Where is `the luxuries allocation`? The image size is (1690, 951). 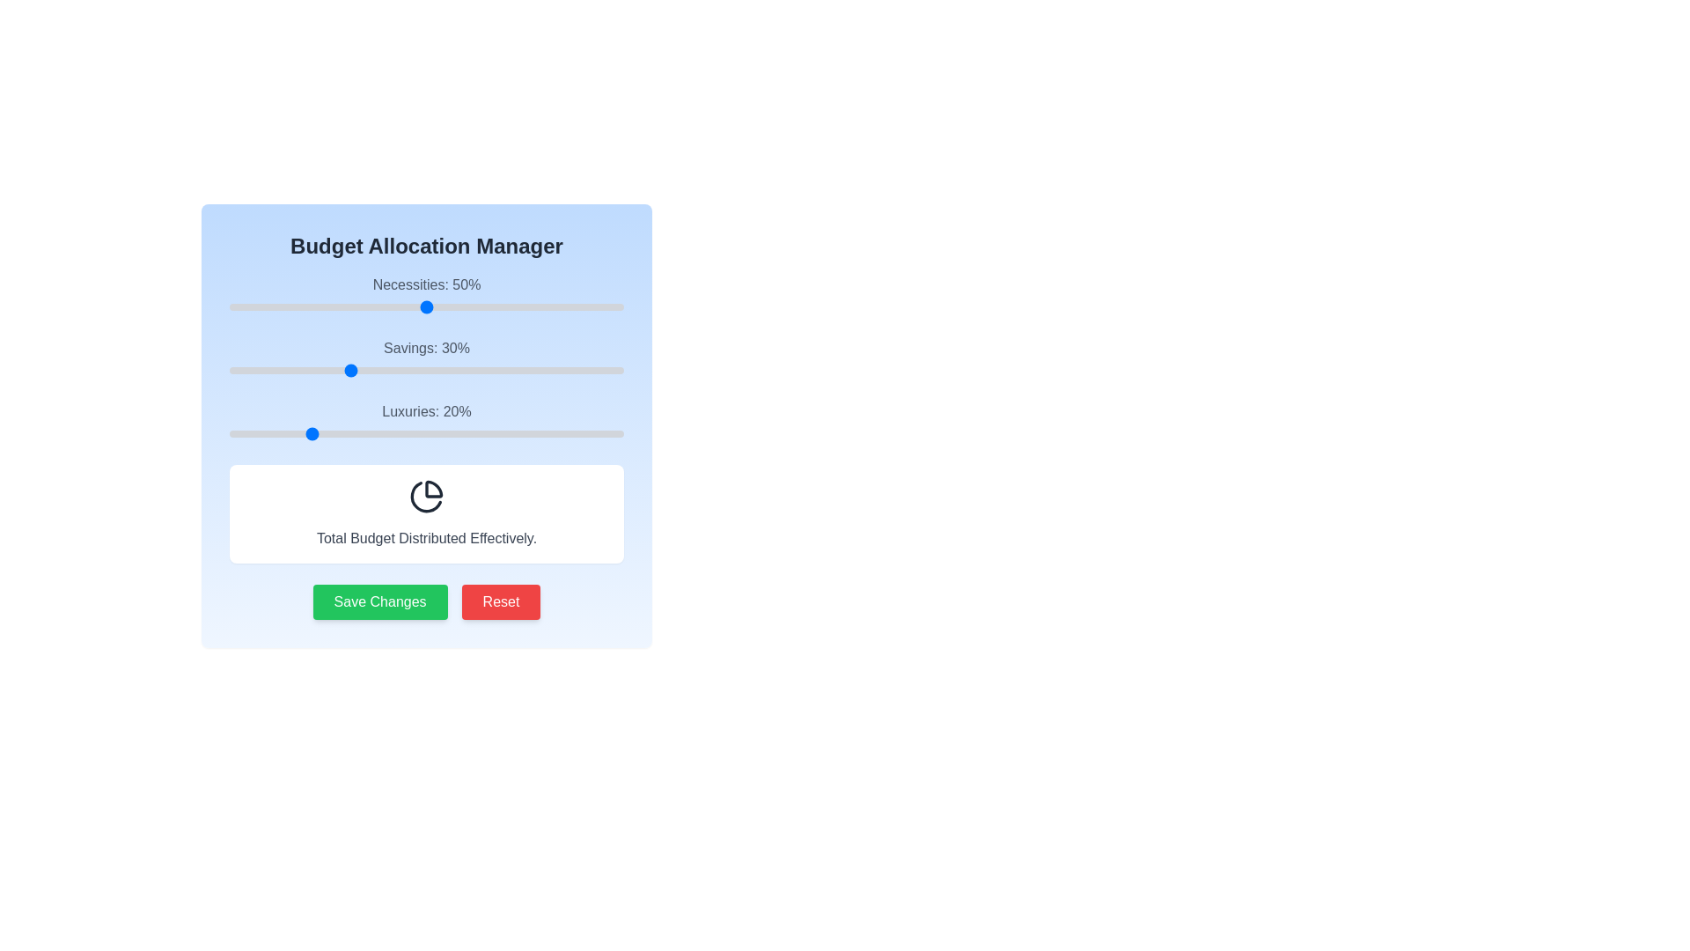
the luxuries allocation is located at coordinates (355, 434).